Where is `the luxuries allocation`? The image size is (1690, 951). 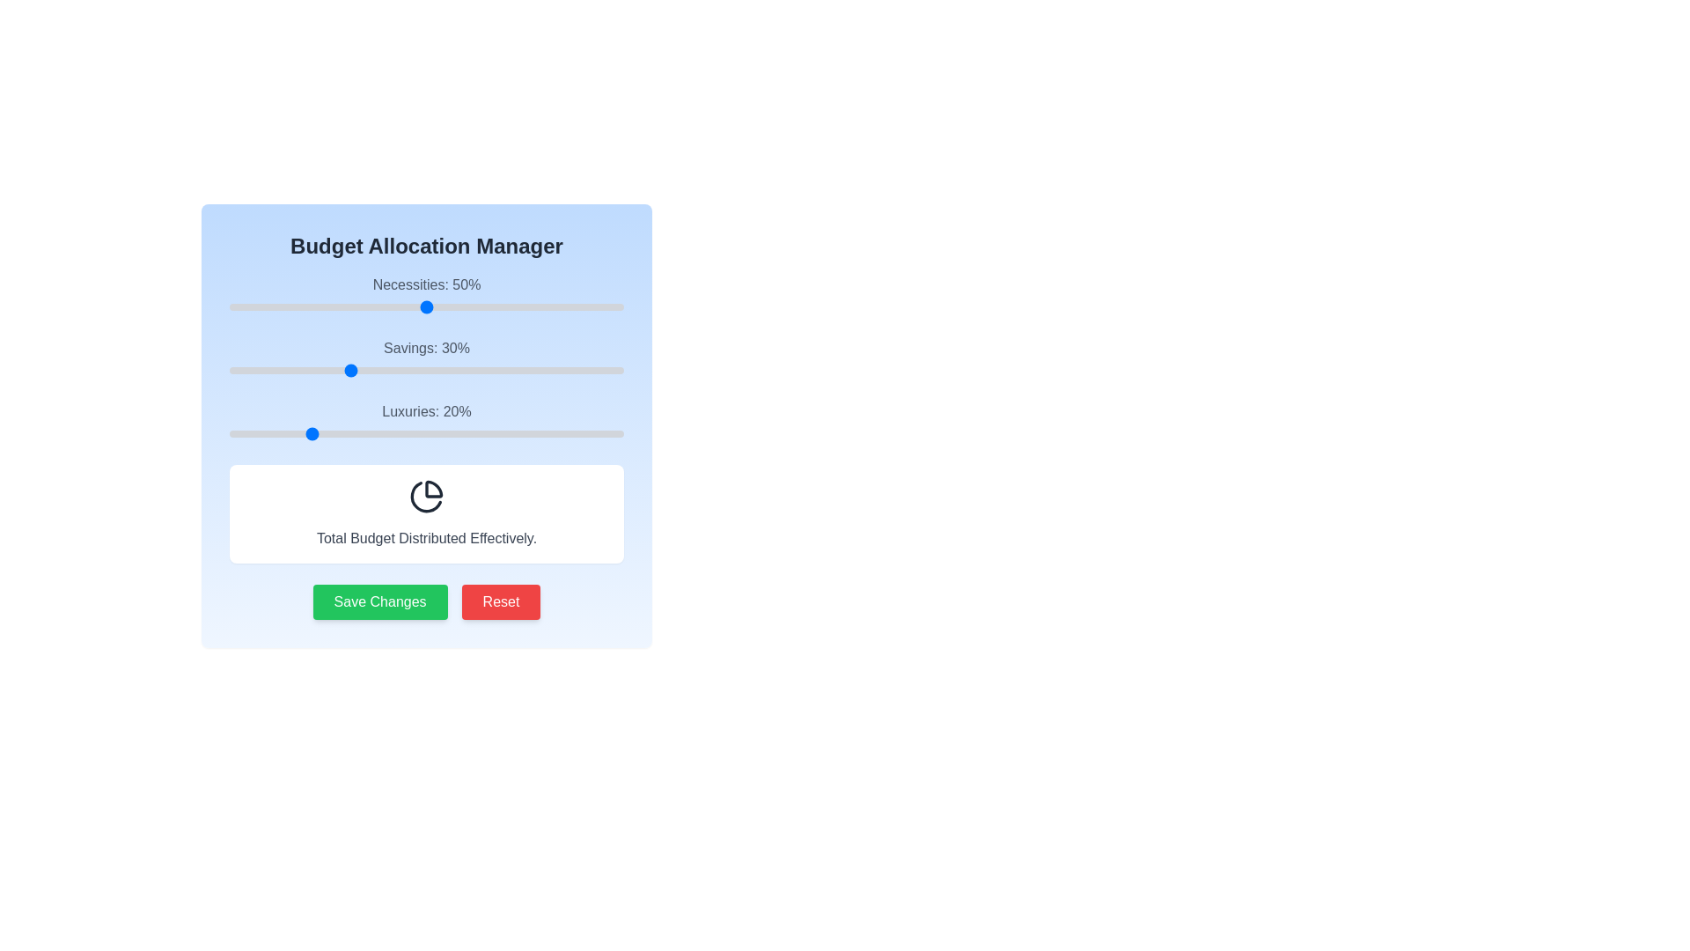
the luxuries allocation is located at coordinates (355, 434).